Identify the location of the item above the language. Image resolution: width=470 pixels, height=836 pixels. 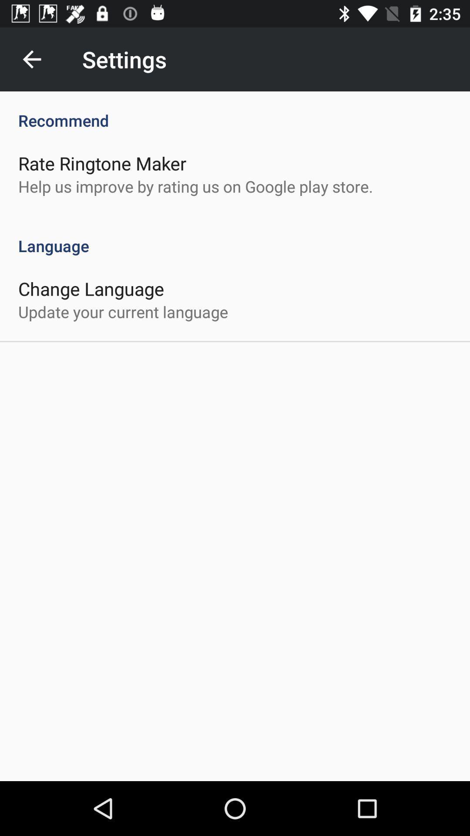
(195, 186).